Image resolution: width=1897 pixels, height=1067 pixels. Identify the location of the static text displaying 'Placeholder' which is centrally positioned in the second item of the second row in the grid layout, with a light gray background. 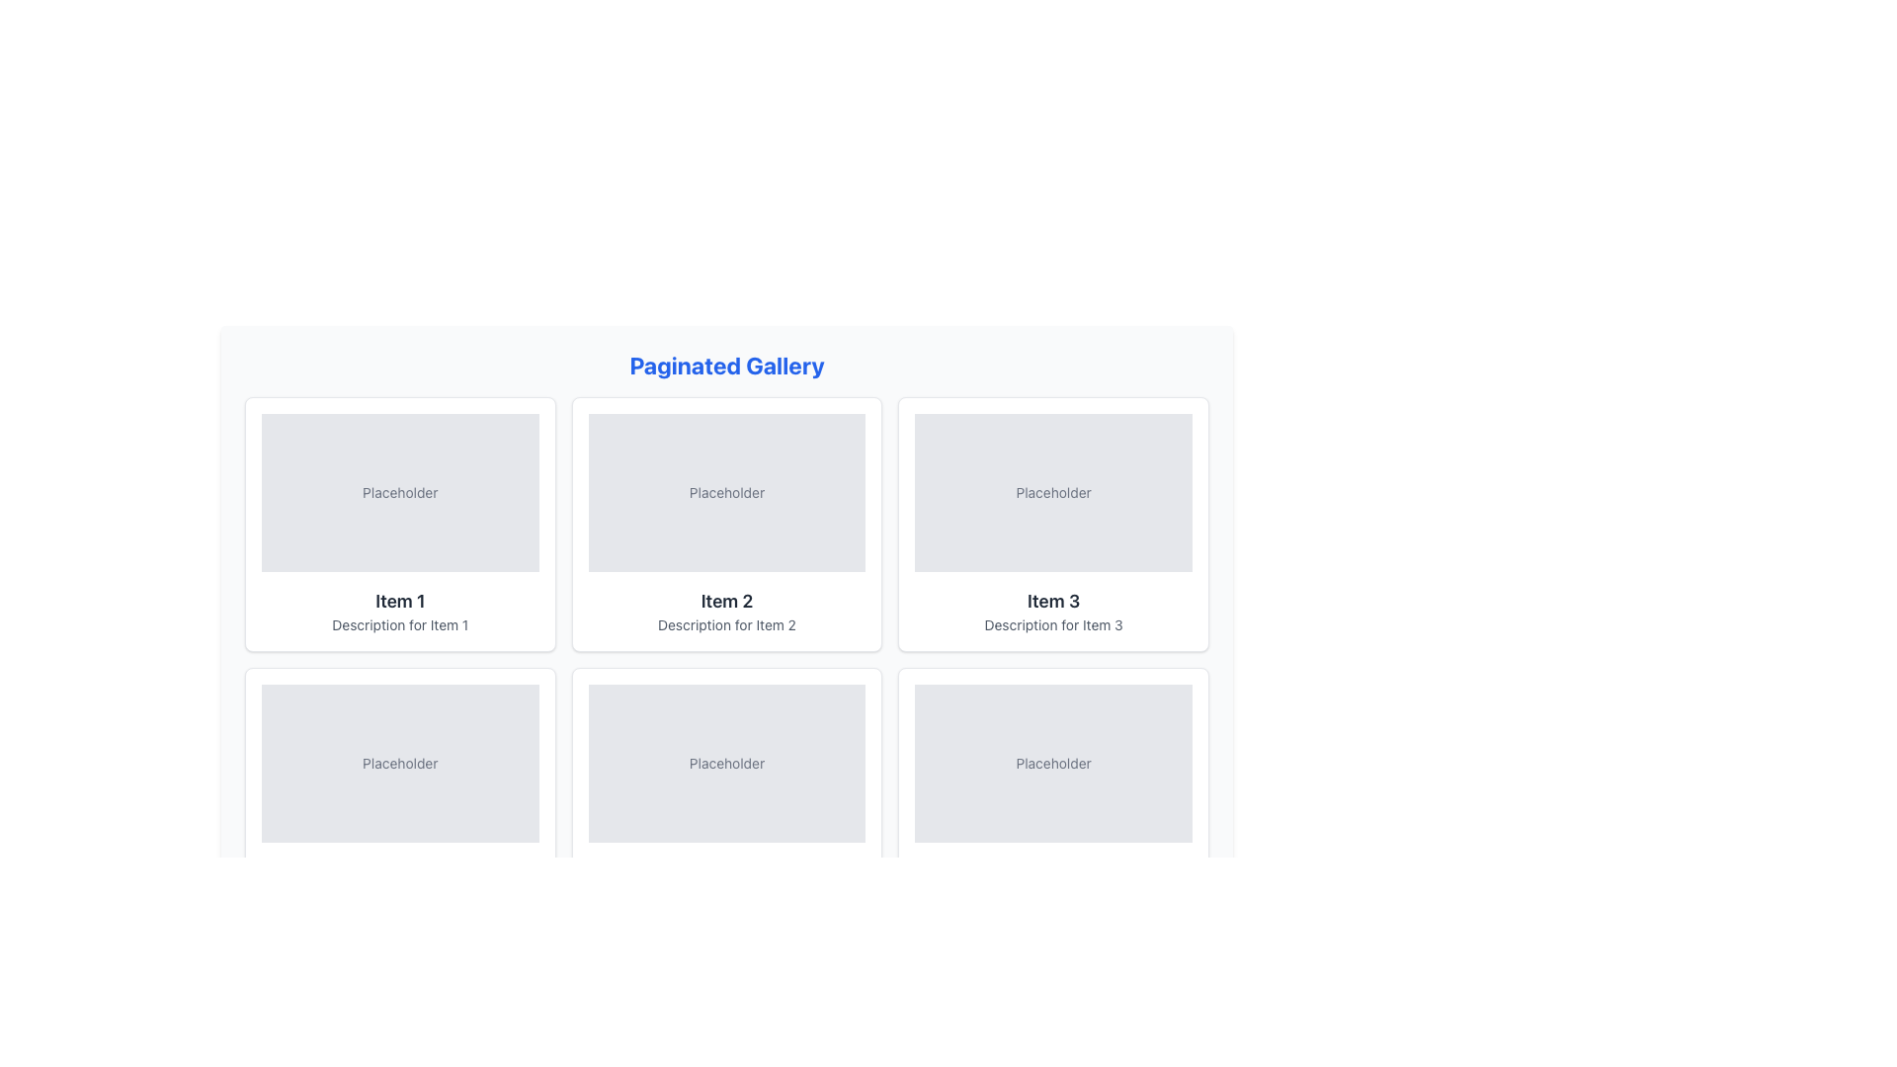
(725, 491).